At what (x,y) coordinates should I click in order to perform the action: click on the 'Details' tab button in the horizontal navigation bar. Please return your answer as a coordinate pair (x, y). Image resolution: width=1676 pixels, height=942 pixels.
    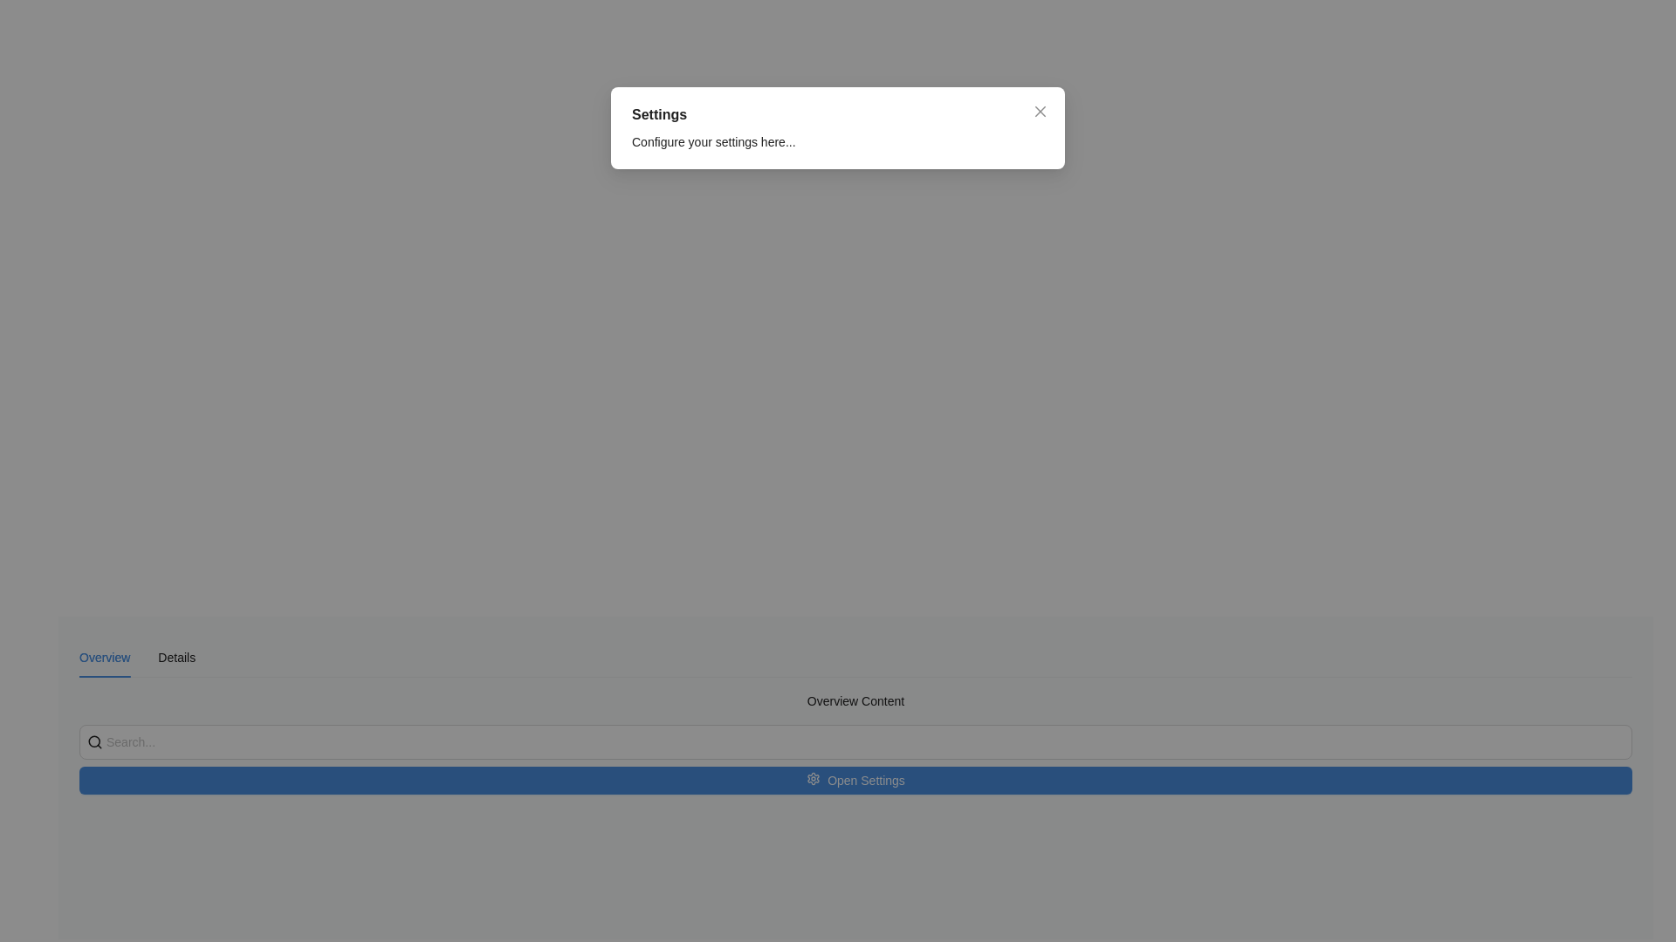
    Looking at the image, I should click on (176, 657).